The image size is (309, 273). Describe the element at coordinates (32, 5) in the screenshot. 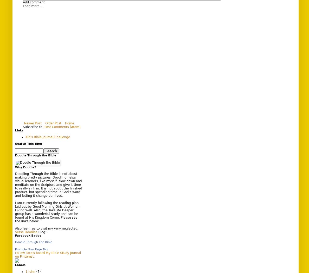

I see `'Load more...'` at that location.